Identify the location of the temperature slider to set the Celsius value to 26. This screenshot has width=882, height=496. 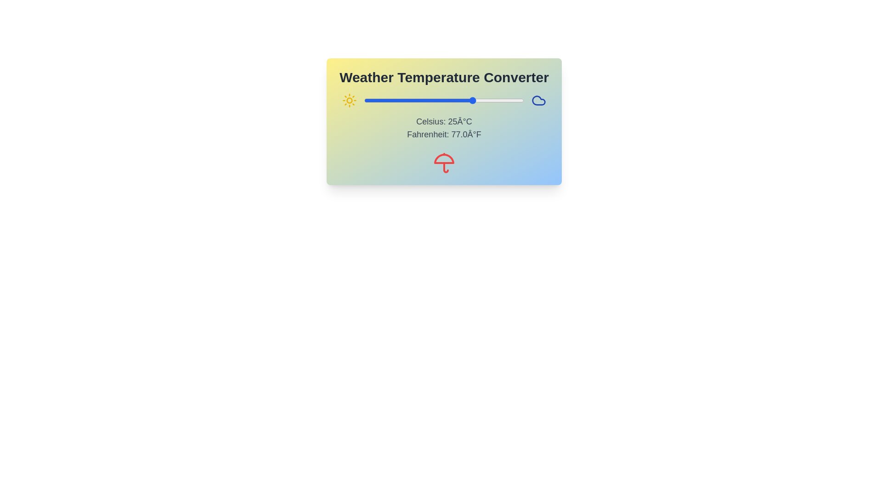
(476, 101).